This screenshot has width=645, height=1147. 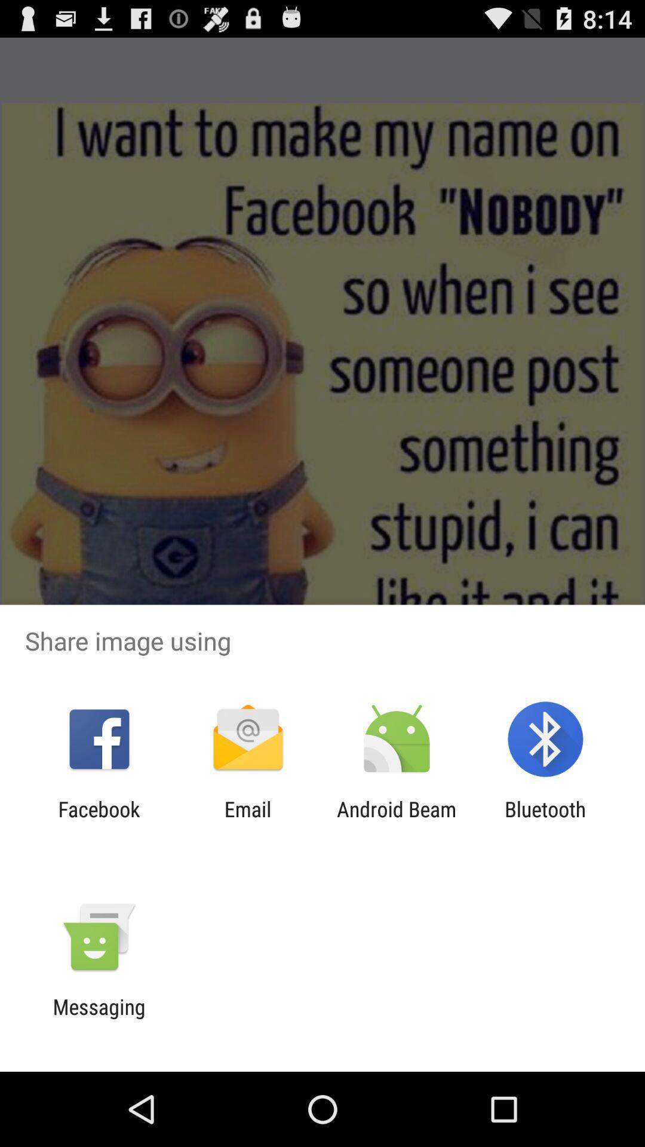 What do you see at coordinates (247, 821) in the screenshot?
I see `the icon next to the android beam` at bounding box center [247, 821].